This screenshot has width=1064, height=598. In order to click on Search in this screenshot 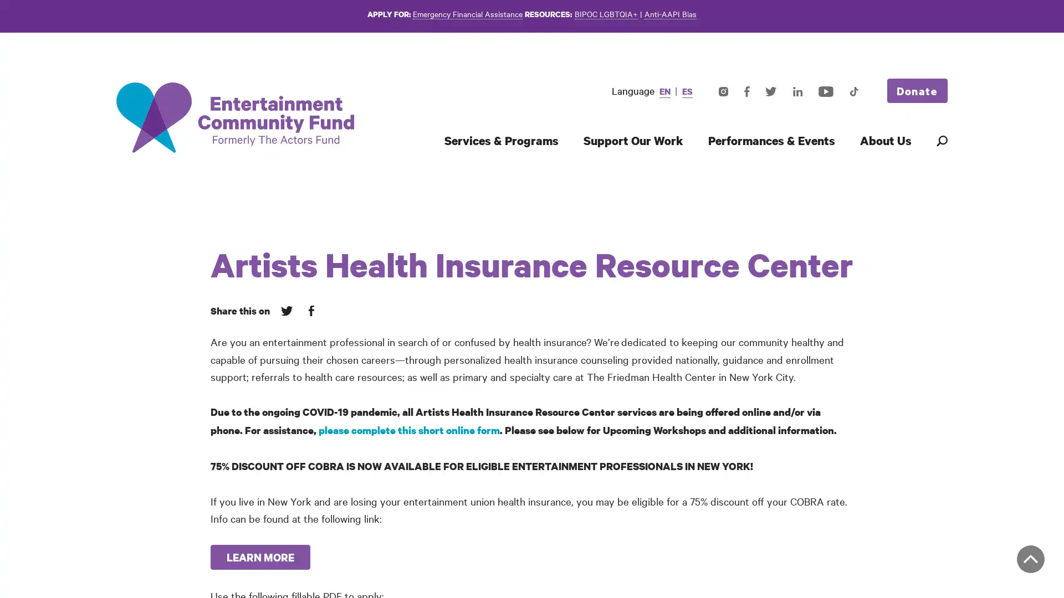, I will do `click(941, 141)`.